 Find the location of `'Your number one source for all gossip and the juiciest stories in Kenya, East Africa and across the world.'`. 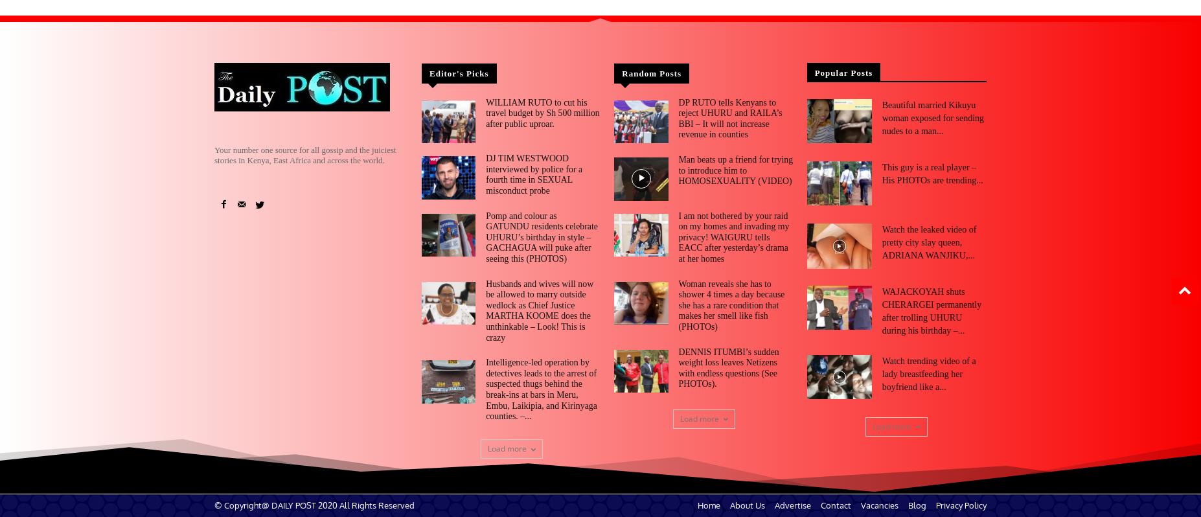

'Your number one source for all gossip and the juiciest stories in Kenya, East Africa and across the world.' is located at coordinates (304, 154).